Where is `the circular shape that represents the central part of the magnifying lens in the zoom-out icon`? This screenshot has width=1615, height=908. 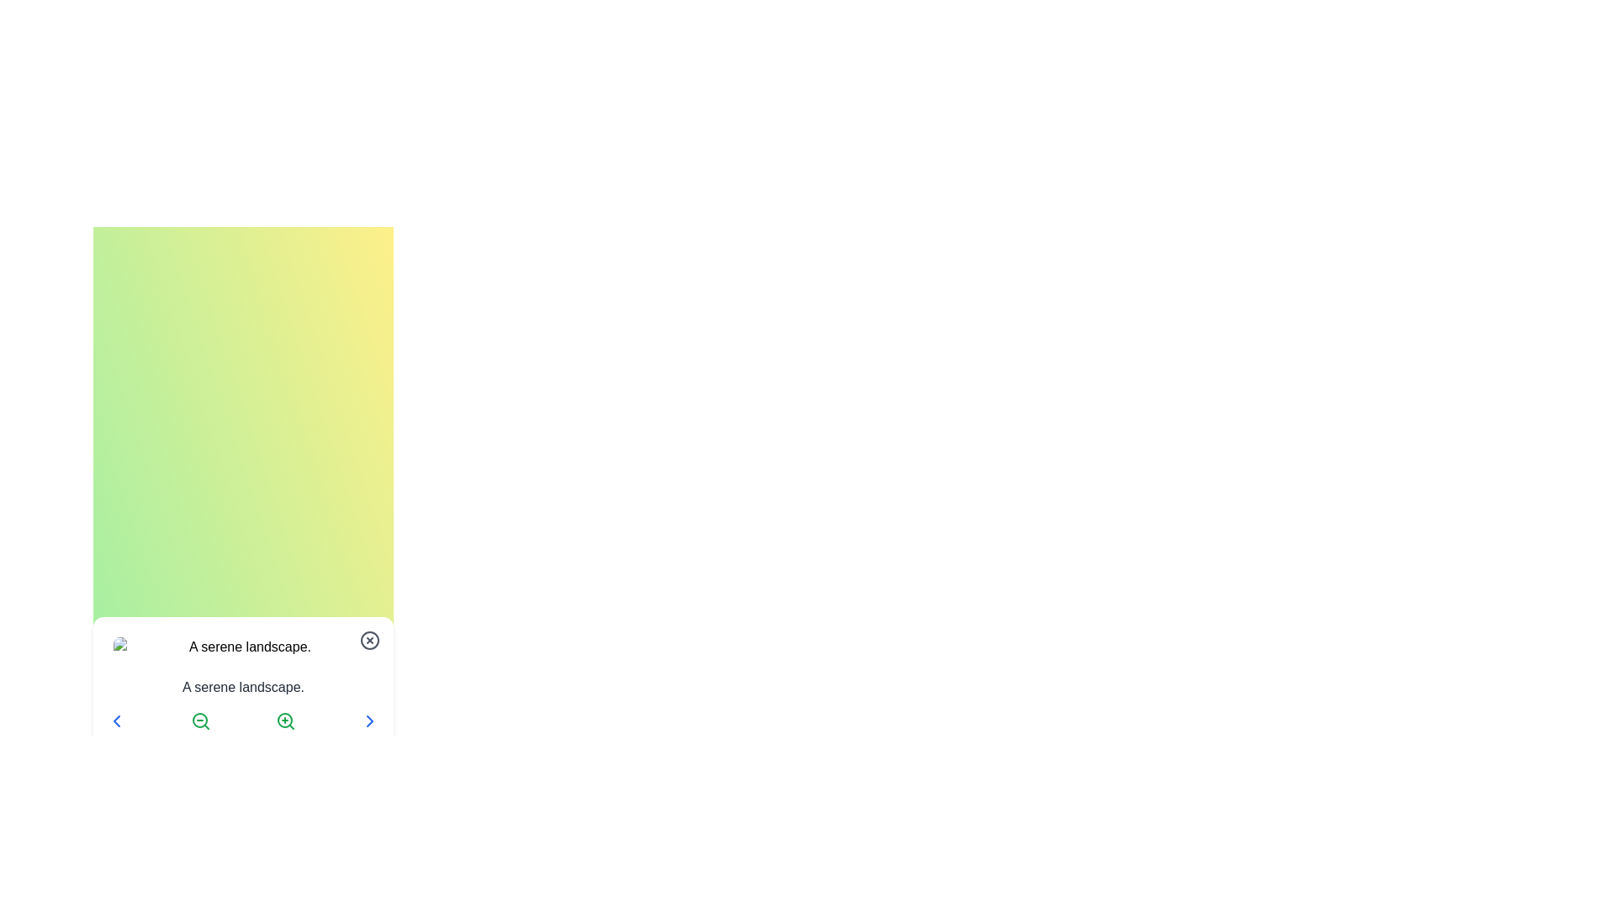
the circular shape that represents the central part of the magnifying lens in the zoom-out icon is located at coordinates (200, 719).